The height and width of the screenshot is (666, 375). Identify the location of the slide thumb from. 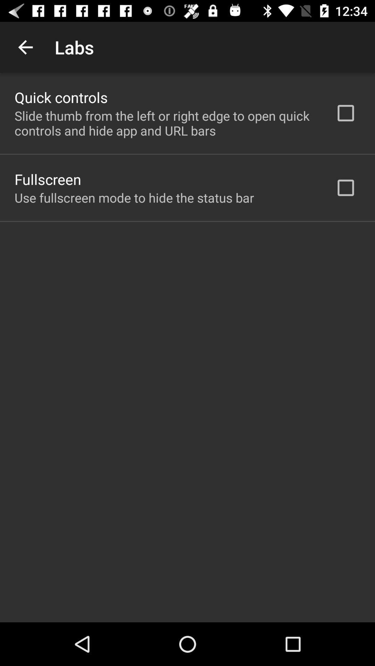
(166, 123).